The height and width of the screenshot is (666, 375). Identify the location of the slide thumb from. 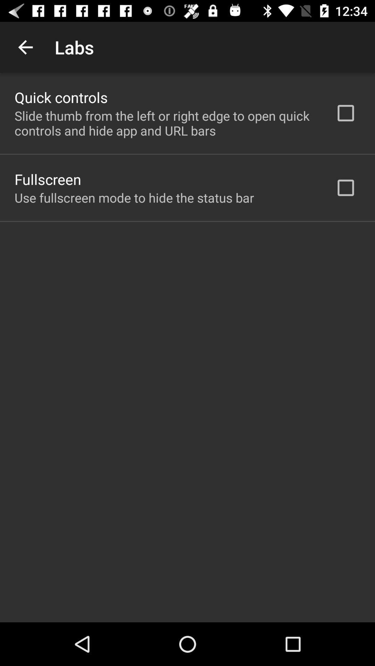
(166, 123).